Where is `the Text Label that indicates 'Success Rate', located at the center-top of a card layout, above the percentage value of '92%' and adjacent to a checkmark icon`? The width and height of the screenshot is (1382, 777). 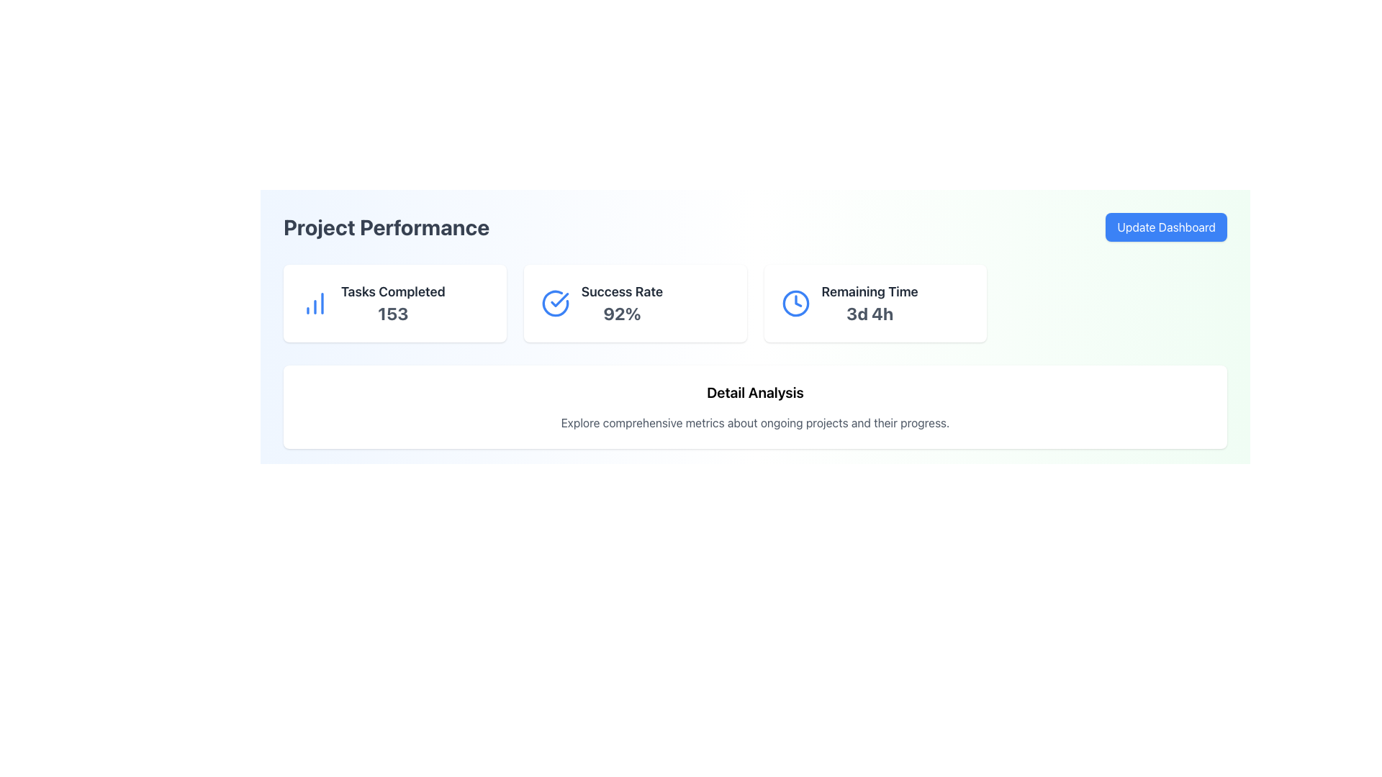
the Text Label that indicates 'Success Rate', located at the center-top of a card layout, above the percentage value of '92%' and adjacent to a checkmark icon is located at coordinates (622, 291).